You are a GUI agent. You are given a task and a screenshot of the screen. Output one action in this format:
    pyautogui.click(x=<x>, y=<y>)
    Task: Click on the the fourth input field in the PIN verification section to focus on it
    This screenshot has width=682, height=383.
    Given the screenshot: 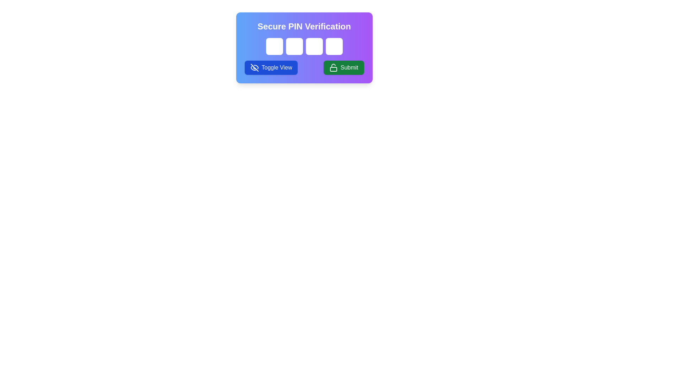 What is the action you would take?
    pyautogui.click(x=334, y=46)
    